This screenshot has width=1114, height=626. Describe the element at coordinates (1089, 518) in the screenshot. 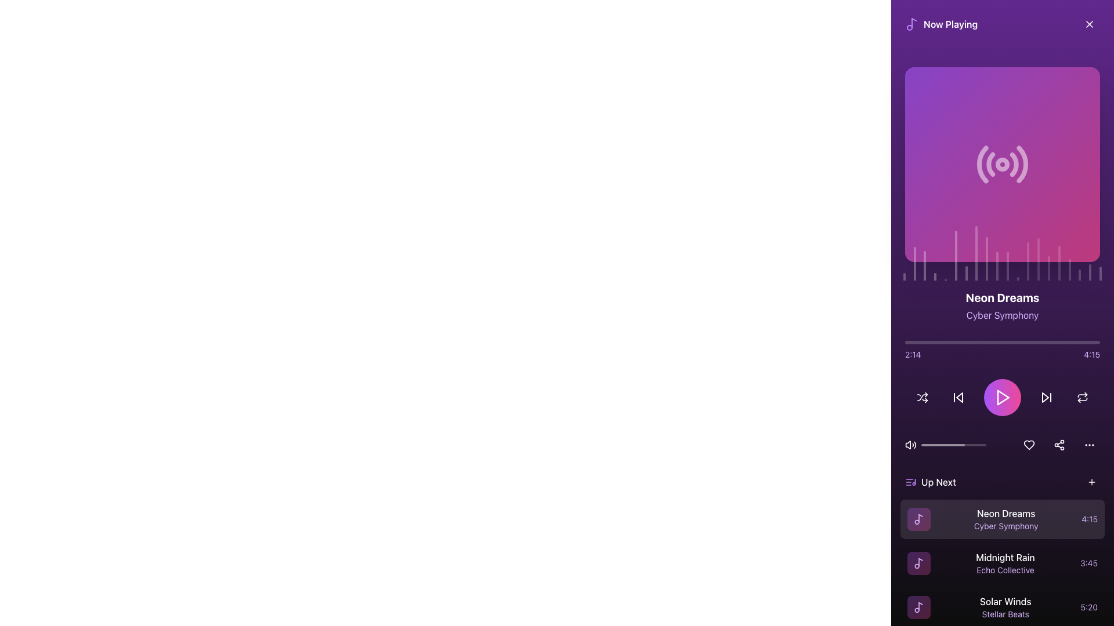

I see `the text label displaying the duration '4:15' in a purple font, located in the 'Up Next' list to the right of the artist's name 'Cyber Symphony'` at that location.